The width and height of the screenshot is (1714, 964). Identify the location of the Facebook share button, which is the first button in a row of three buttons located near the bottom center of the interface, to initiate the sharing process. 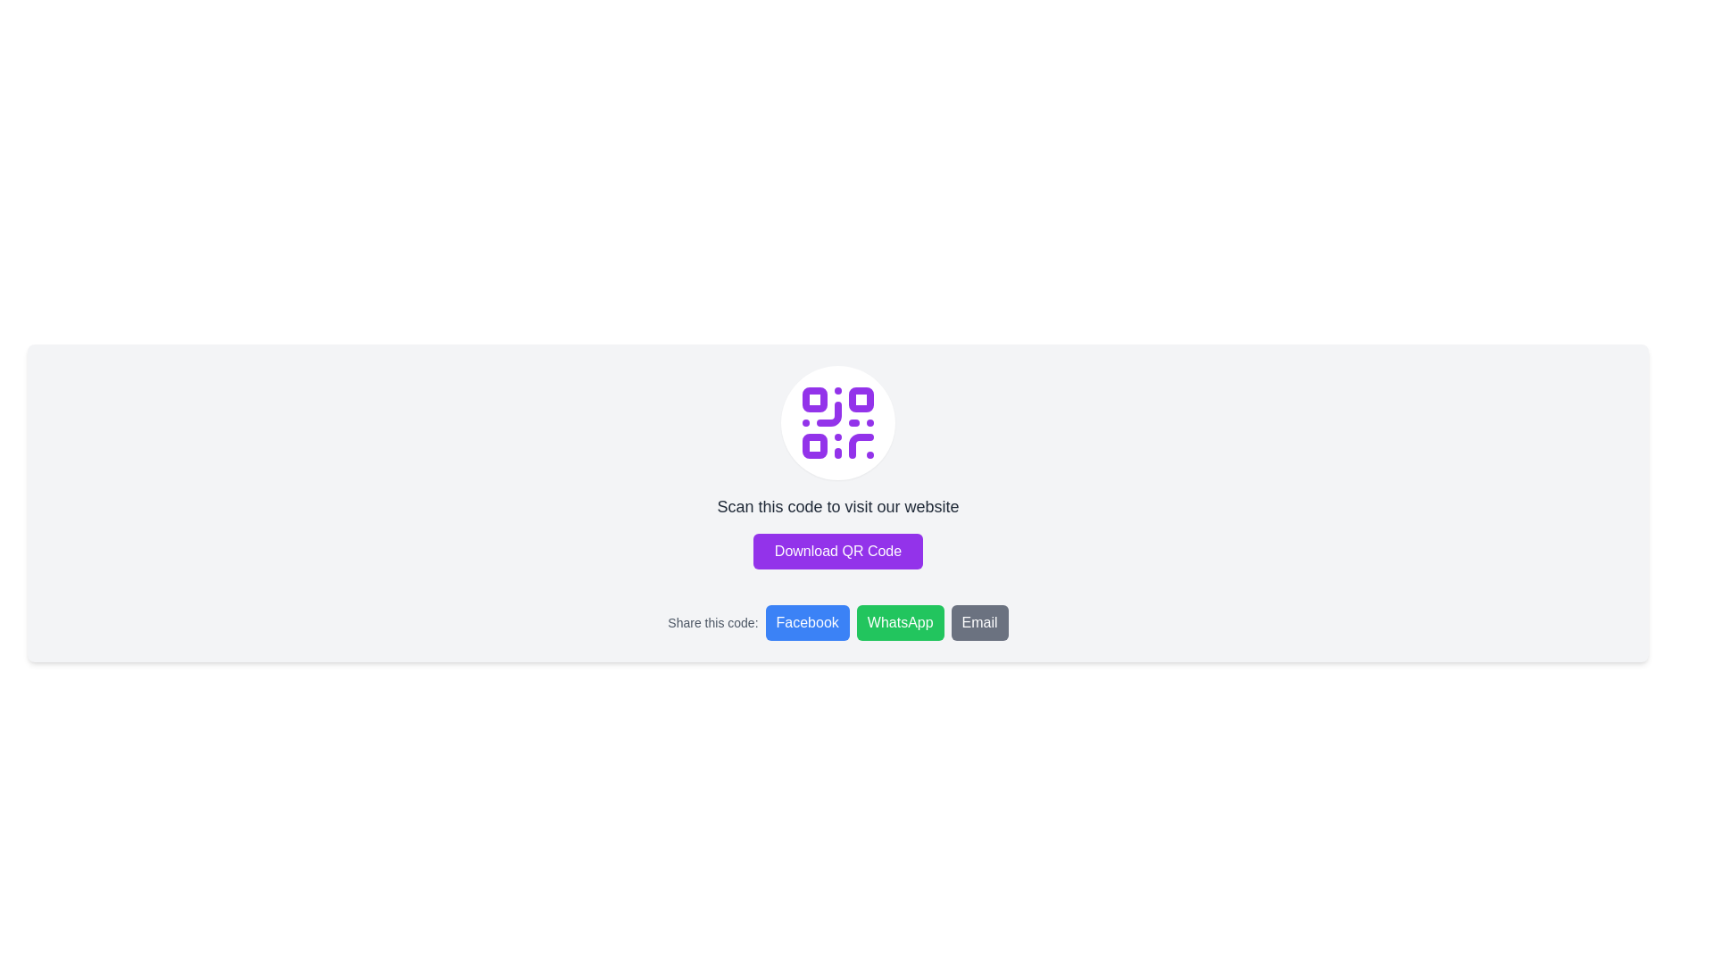
(806, 622).